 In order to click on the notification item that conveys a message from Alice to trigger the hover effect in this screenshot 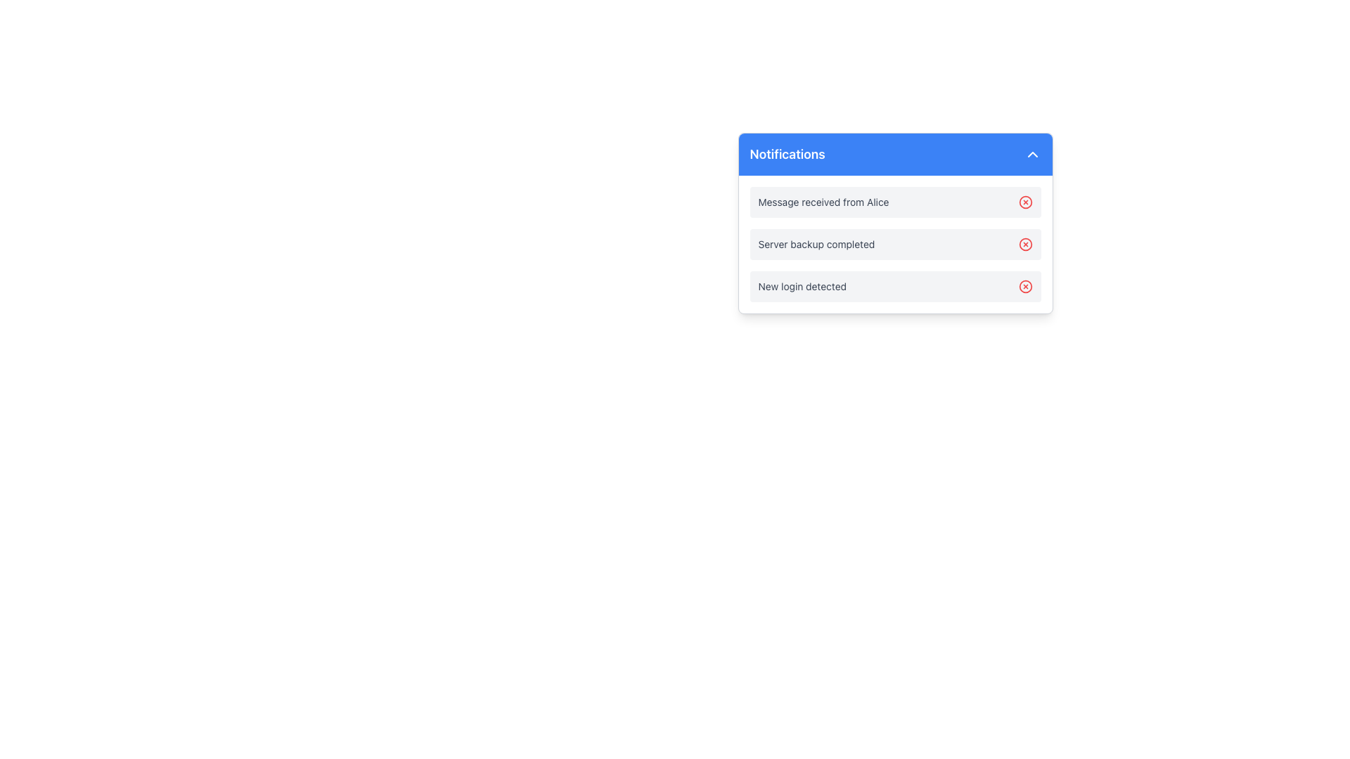, I will do `click(894, 202)`.